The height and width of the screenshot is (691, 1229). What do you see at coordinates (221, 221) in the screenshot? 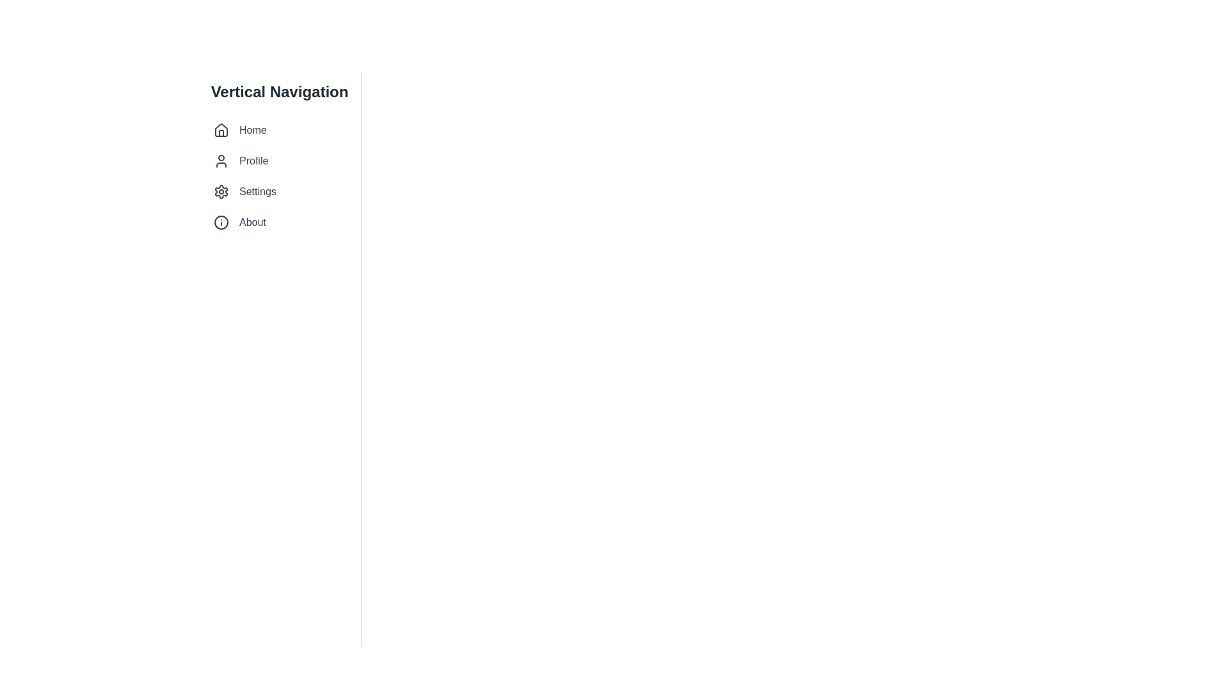
I see `the decorative graphical circle that is part of the 'About' icon in the vertical navigation menu` at bounding box center [221, 221].